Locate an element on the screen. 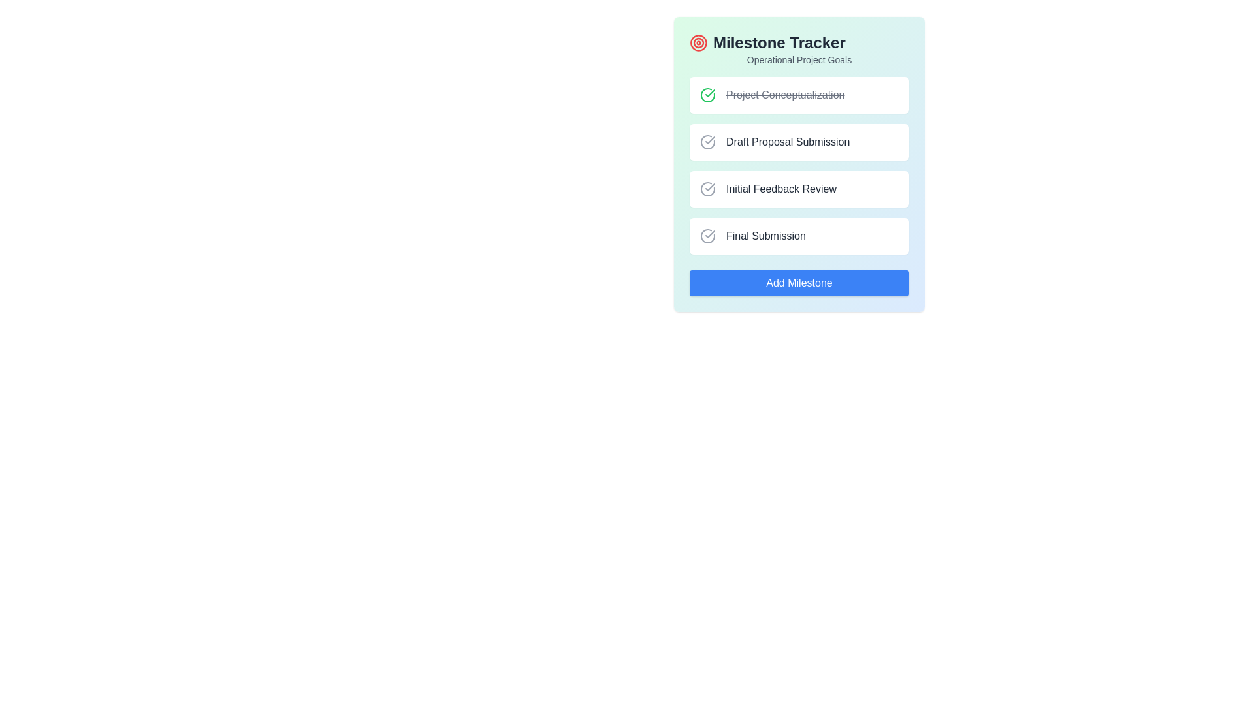 The width and height of the screenshot is (1254, 705). an individual milestone in the list within the 'Milestone Tracker' card component is located at coordinates (799, 165).